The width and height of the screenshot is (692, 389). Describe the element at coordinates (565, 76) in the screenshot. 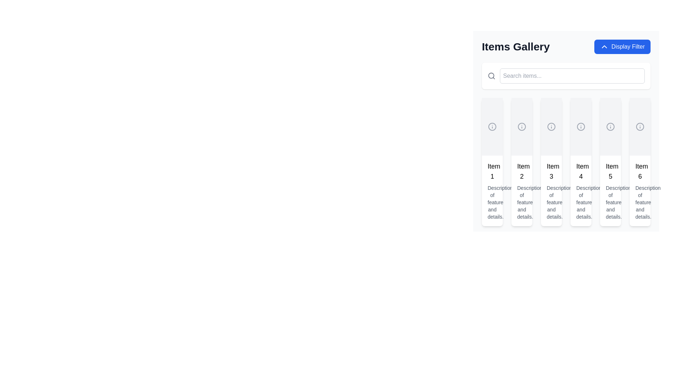

I see `the placeholder of the search bar located below the 'Items Gallery' heading` at that location.